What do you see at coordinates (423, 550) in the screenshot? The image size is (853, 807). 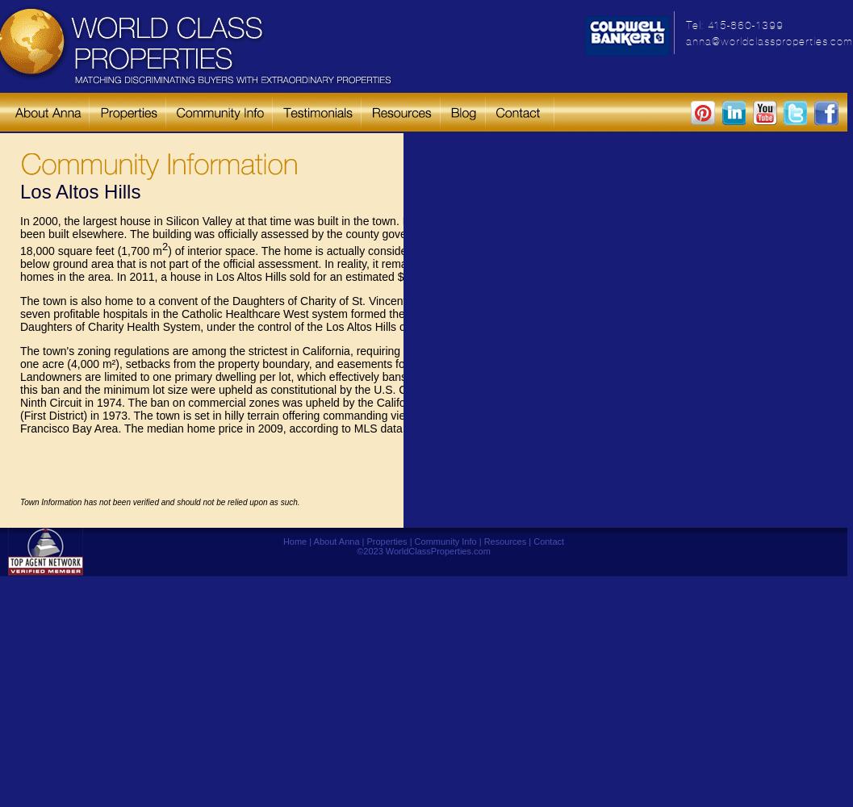 I see `'©2023 WorldClassProperties.com'` at bounding box center [423, 550].